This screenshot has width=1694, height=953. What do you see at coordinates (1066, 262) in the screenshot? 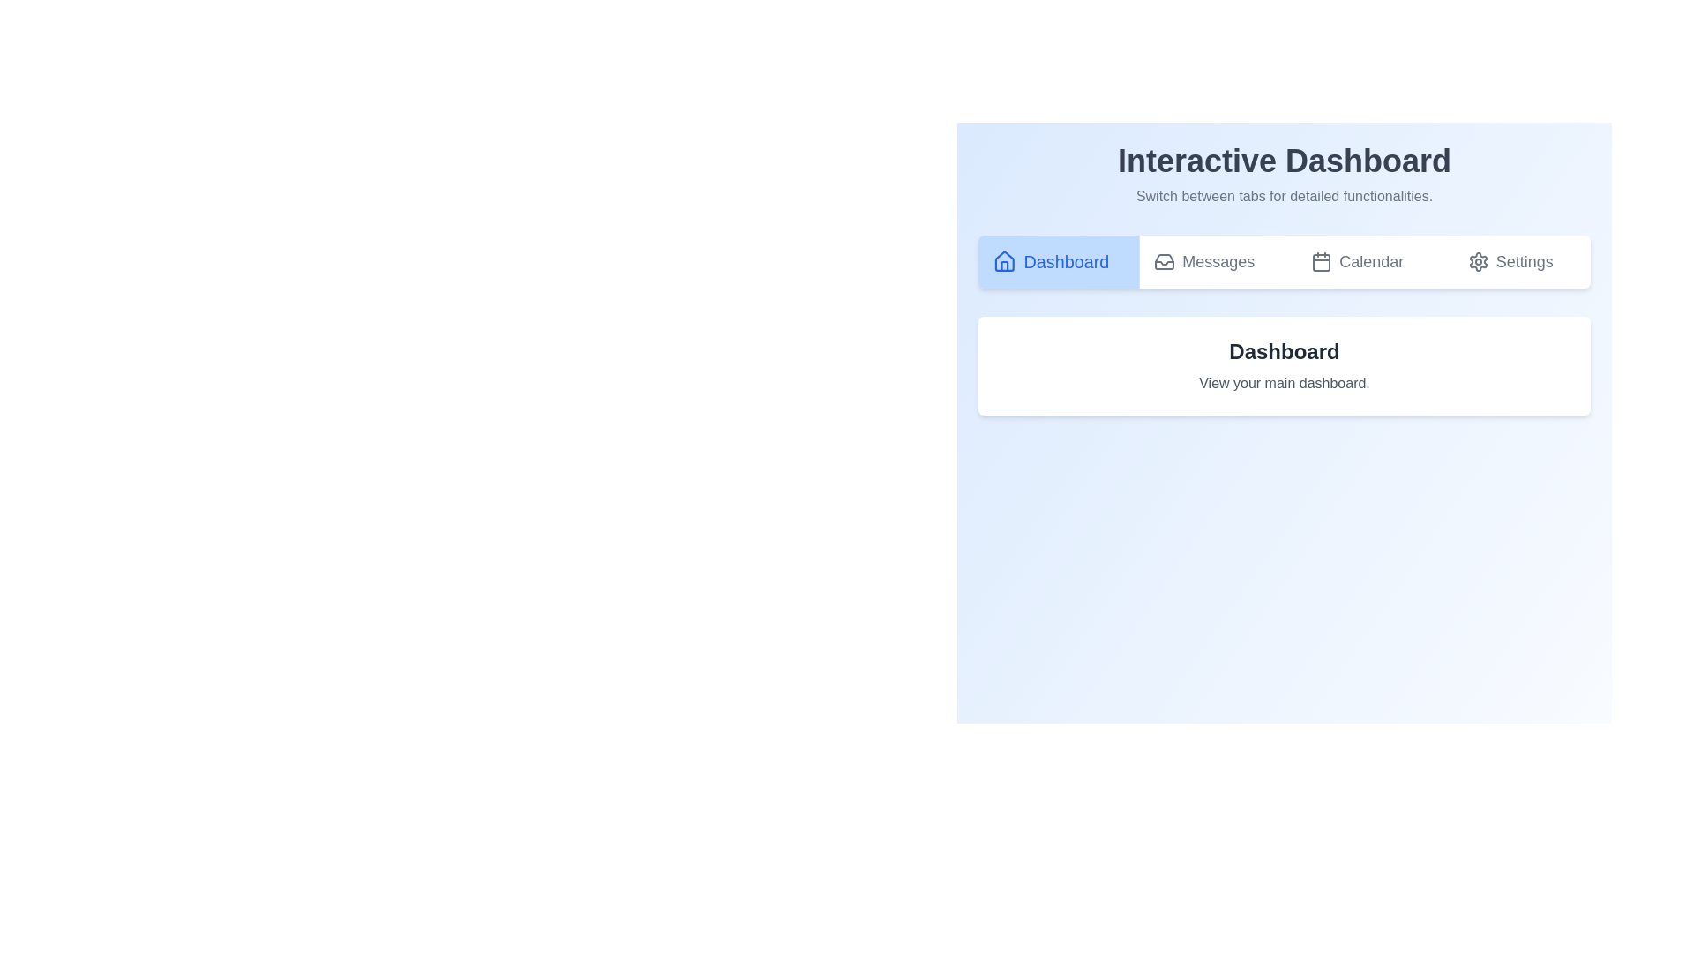
I see `text 'Dashboard' displayed in blue color within the navigation button` at bounding box center [1066, 262].